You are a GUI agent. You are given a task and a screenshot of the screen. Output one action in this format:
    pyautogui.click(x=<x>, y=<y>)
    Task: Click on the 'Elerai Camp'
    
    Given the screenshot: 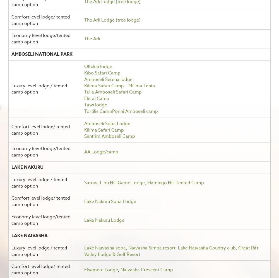 What is the action you would take?
    pyautogui.click(x=96, y=99)
    